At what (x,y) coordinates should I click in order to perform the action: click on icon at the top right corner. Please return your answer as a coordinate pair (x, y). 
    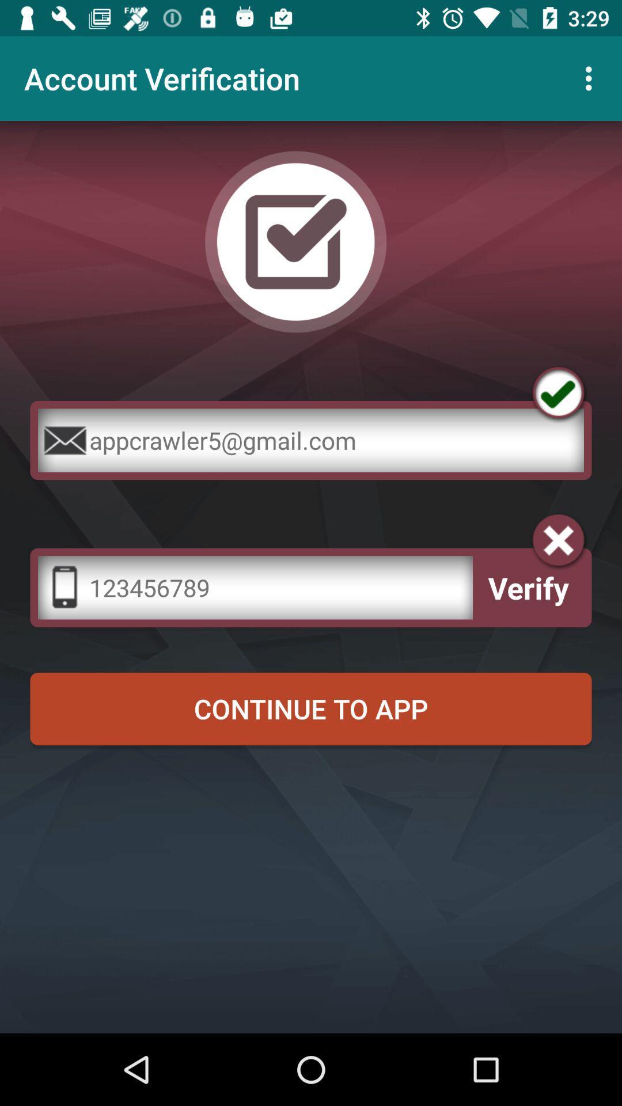
    Looking at the image, I should click on (591, 78).